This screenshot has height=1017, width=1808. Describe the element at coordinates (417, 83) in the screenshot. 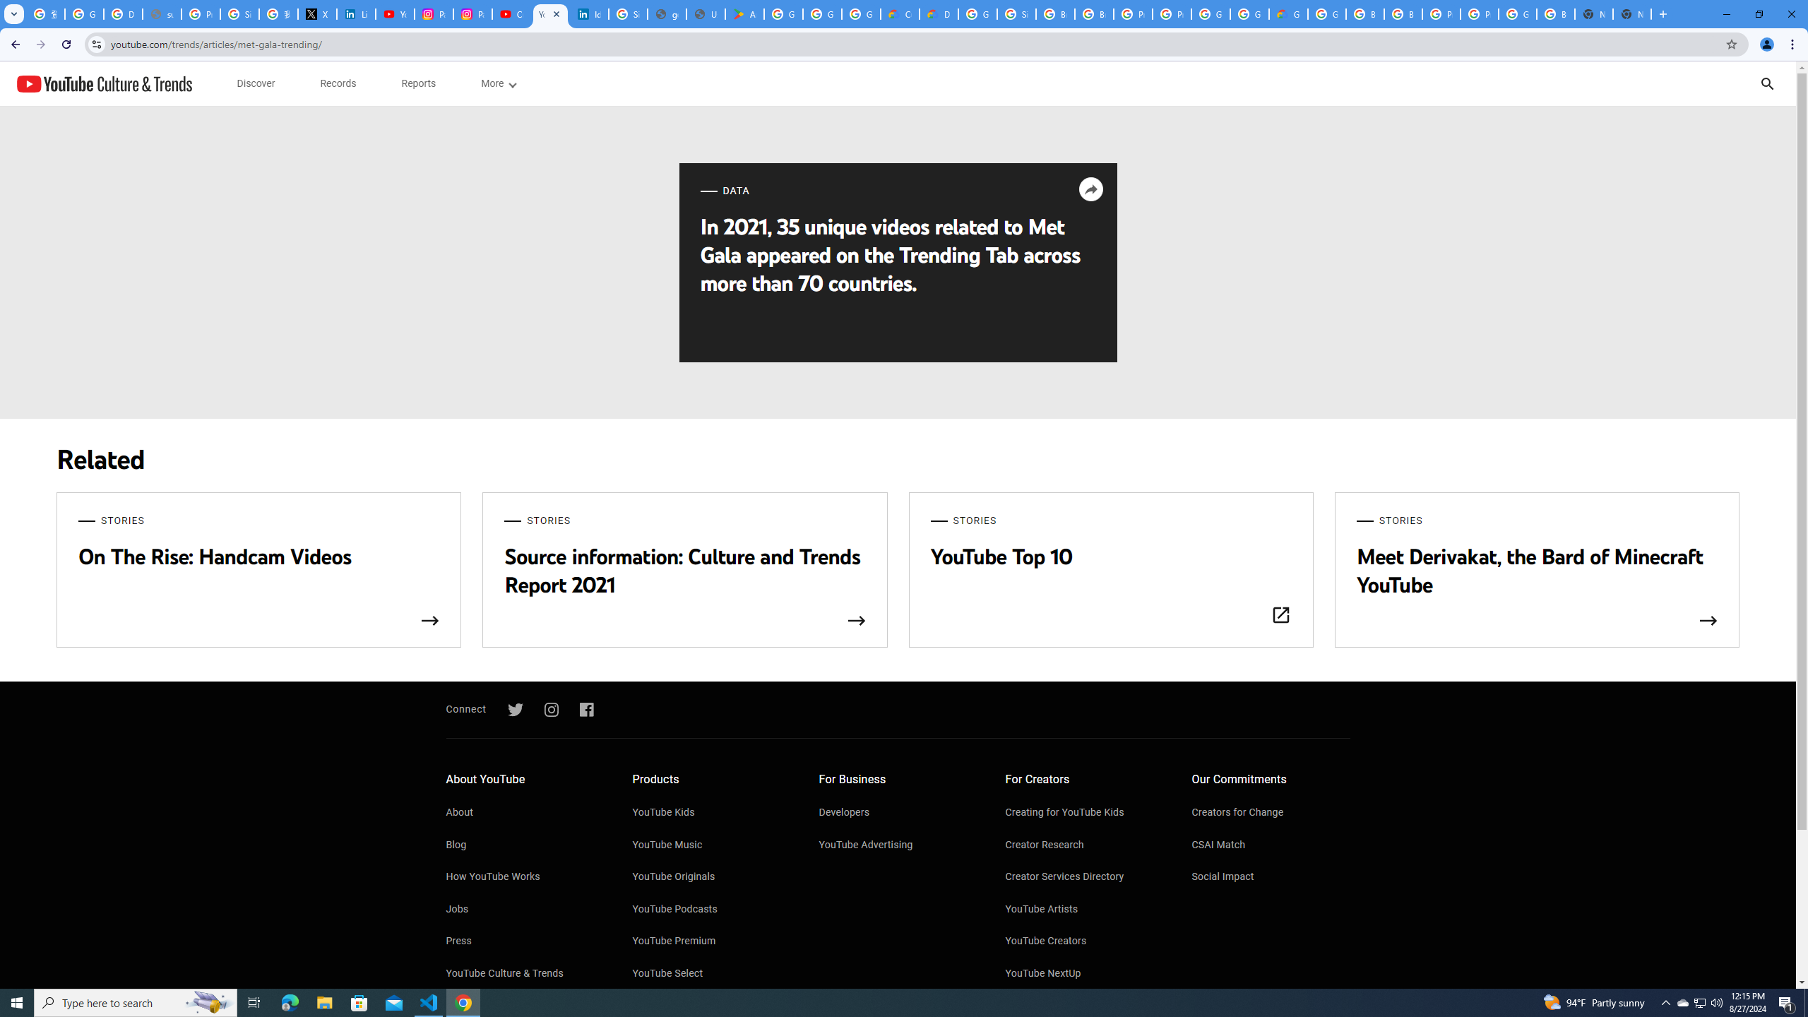

I see `'subnav-Reports menupopup'` at that location.